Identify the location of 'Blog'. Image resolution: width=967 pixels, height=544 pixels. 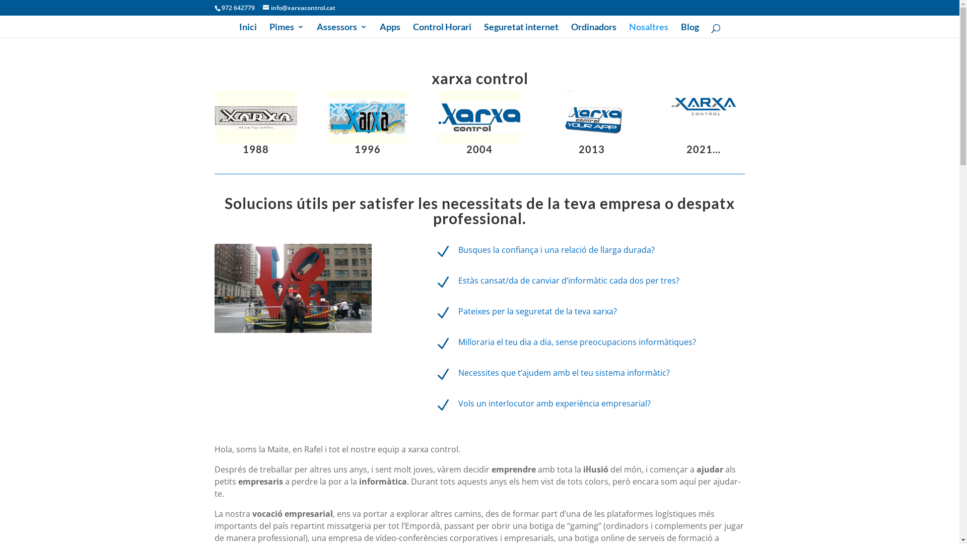
(681, 30).